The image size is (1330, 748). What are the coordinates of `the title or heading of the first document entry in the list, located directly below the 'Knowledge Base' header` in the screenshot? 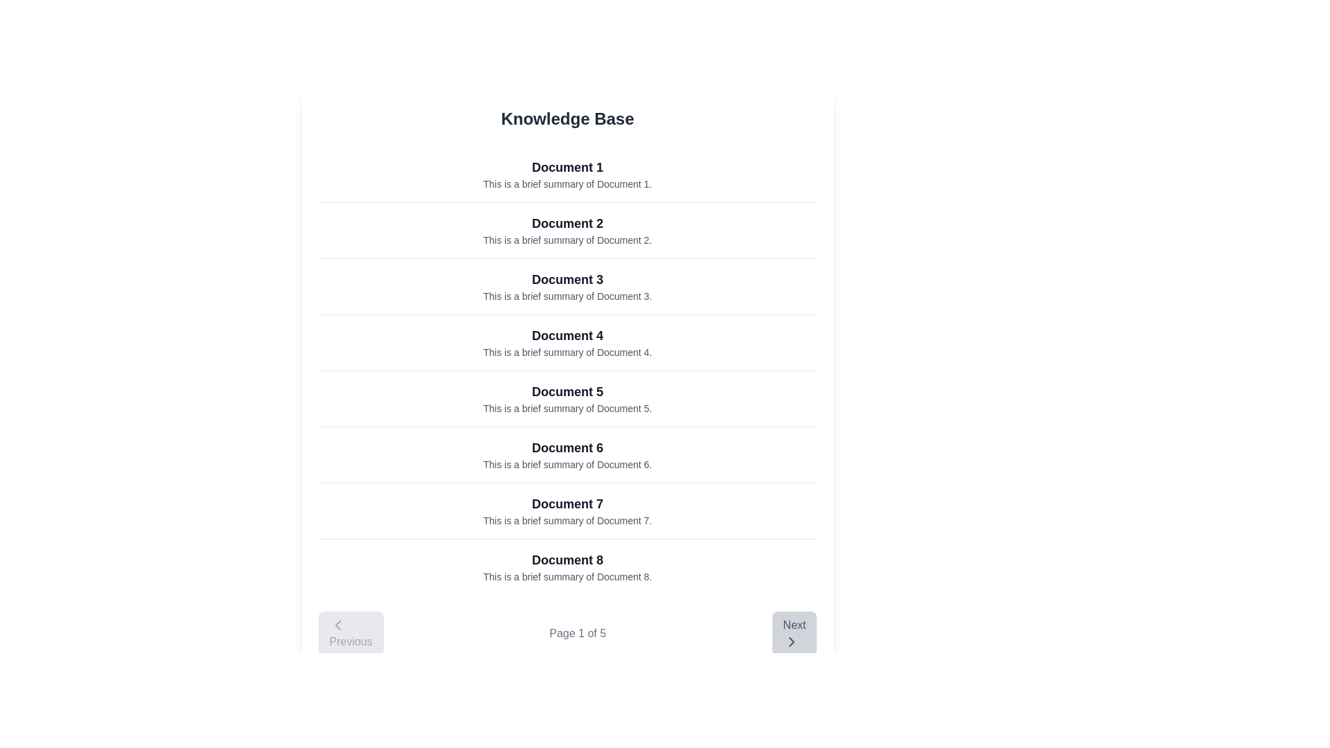 It's located at (567, 167).